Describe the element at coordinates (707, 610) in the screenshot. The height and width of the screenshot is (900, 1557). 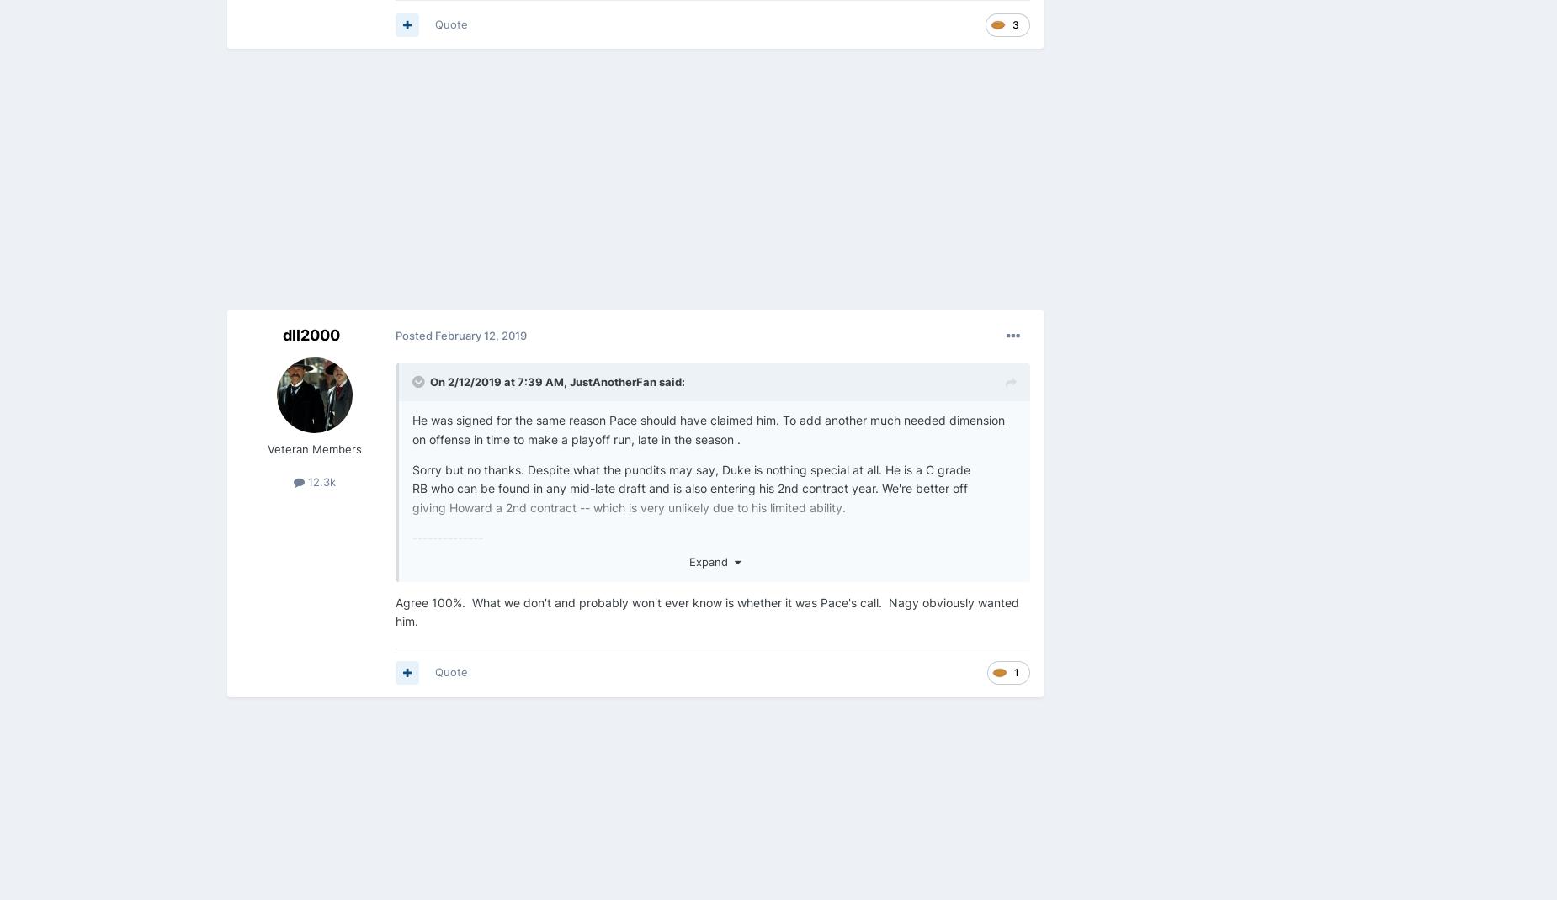
I see `'Agree 100%.  What we don't and probably won't ever know is whether it was Pace's call.  Nagy obviously wanted him.'` at that location.